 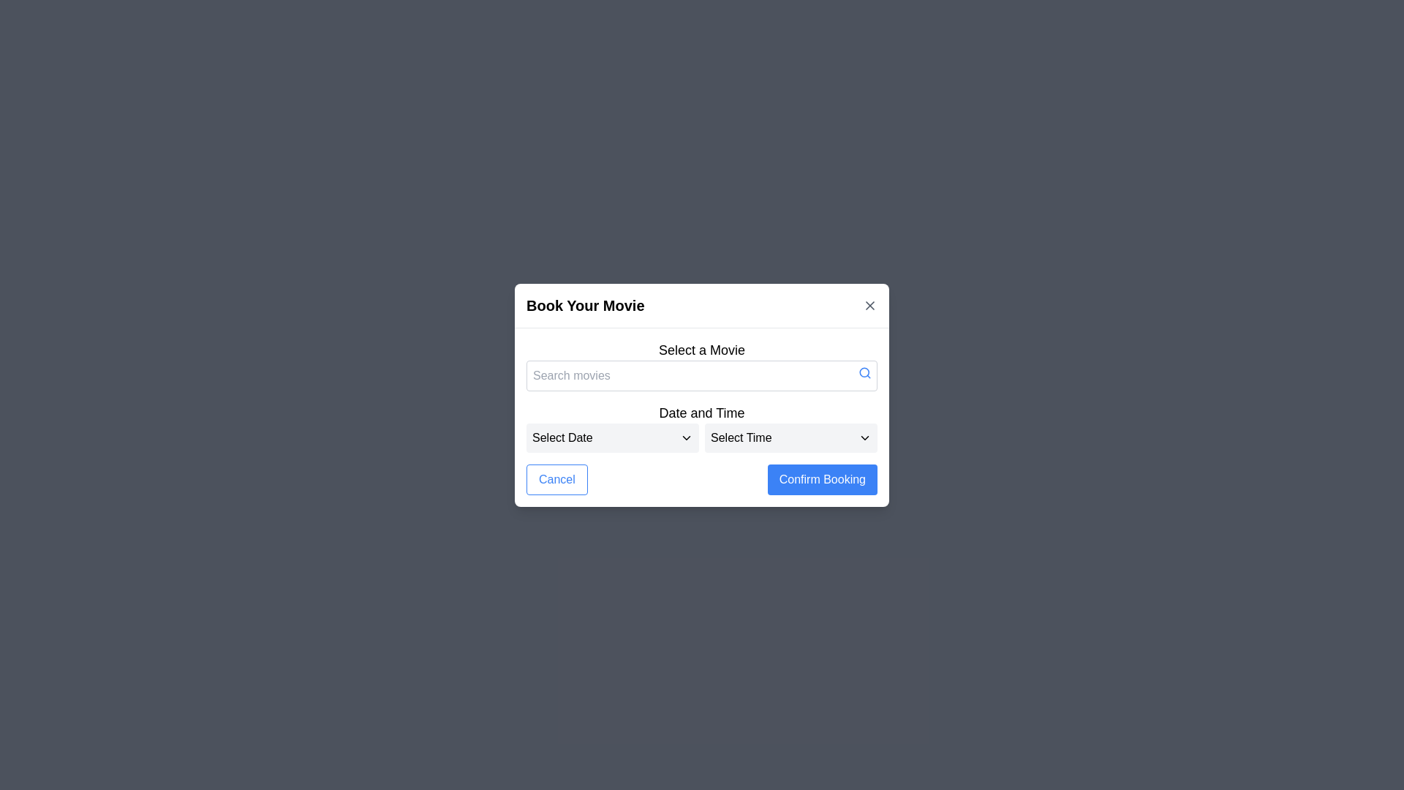 I want to click on the blue magnifying glass icon located at the right end of the search bar in the 'Book Your Movie' modal, so click(x=864, y=372).